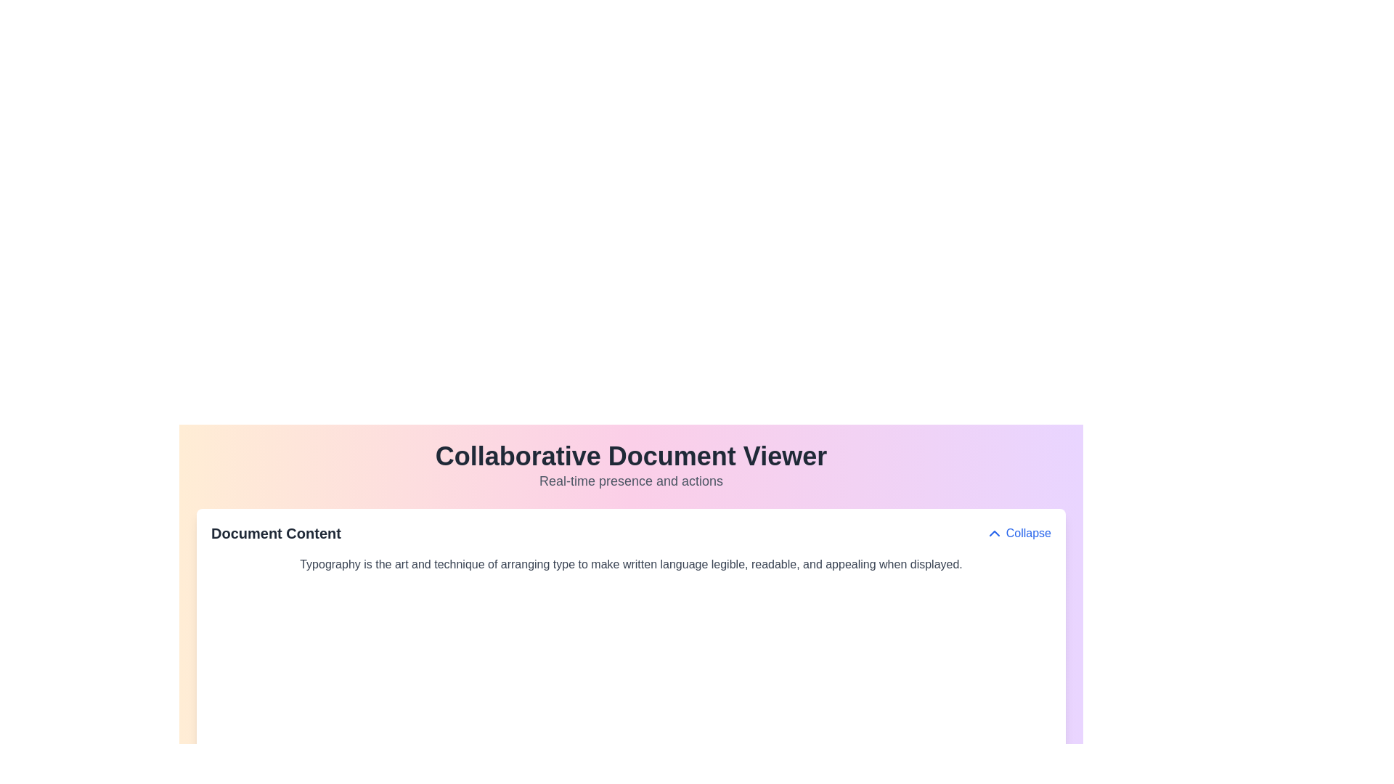 This screenshot has width=1394, height=784. What do you see at coordinates (276, 534) in the screenshot?
I see `bold text component labeled 'Document Content' that is prominently displayed in dark gray at the upper section of the interface, preceding the 'Collapse' button` at bounding box center [276, 534].